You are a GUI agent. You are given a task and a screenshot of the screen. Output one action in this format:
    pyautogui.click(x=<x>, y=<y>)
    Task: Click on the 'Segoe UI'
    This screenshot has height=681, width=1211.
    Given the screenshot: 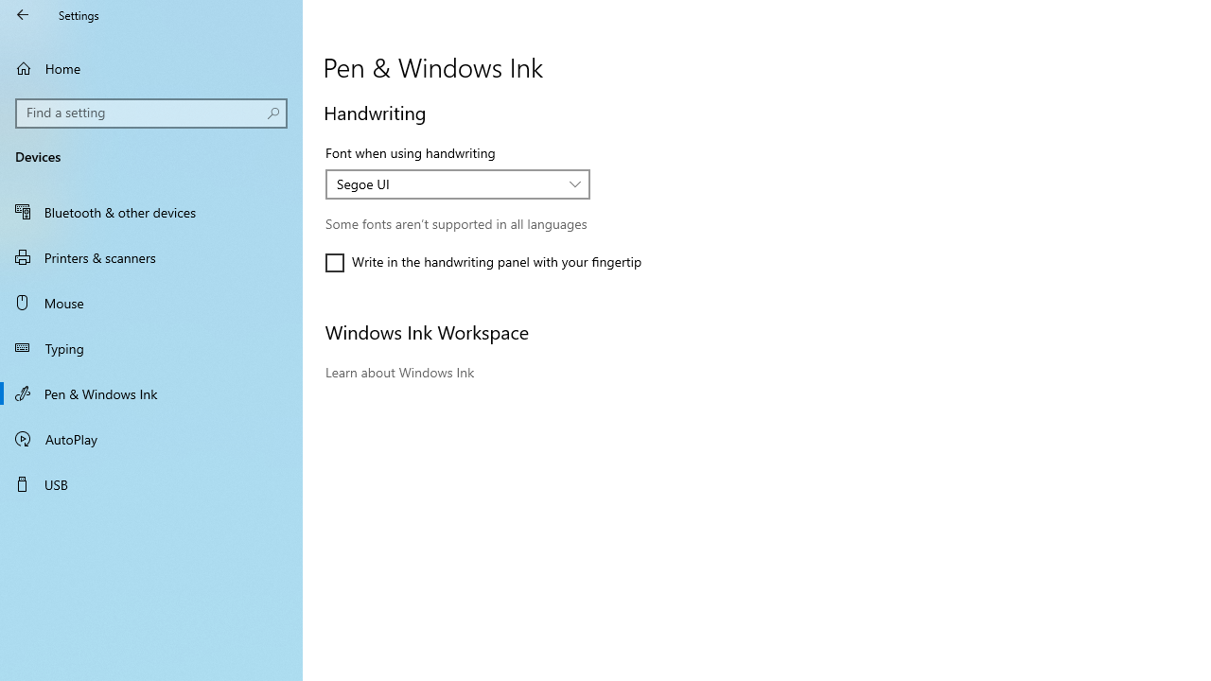 What is the action you would take?
    pyautogui.click(x=447, y=183)
    